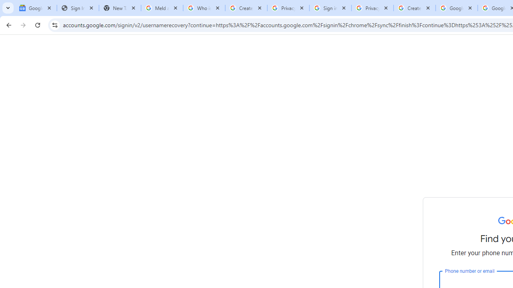 This screenshot has width=513, height=288. I want to click on 'Create your Google Account', so click(414, 8).